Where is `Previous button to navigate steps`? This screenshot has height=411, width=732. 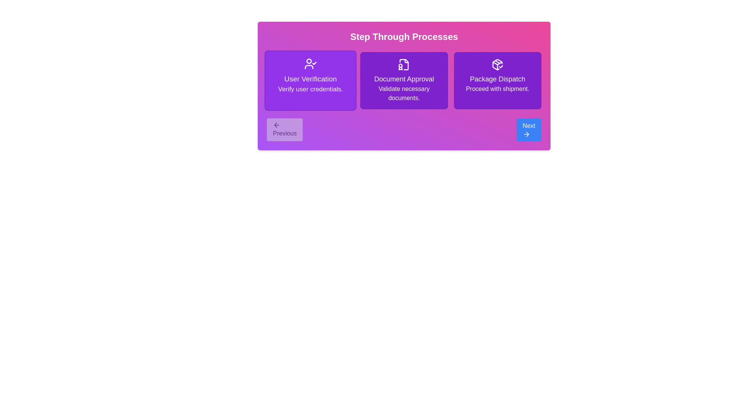 Previous button to navigate steps is located at coordinates (284, 129).